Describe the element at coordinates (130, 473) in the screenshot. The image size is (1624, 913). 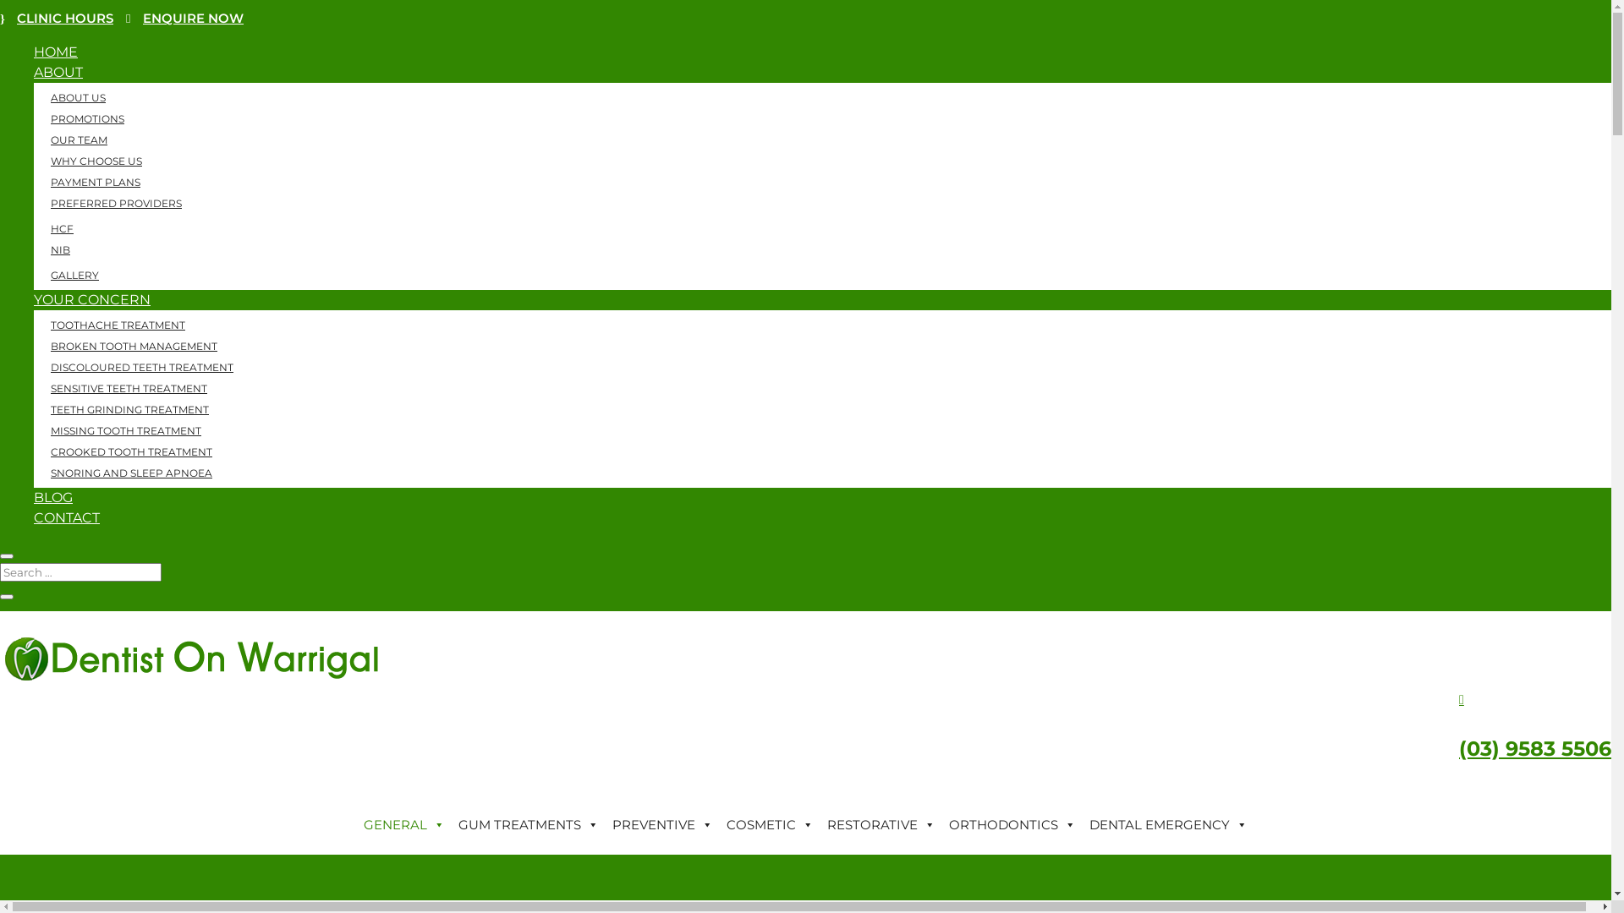
I see `'SNORING AND SLEEP APNOEA'` at that location.